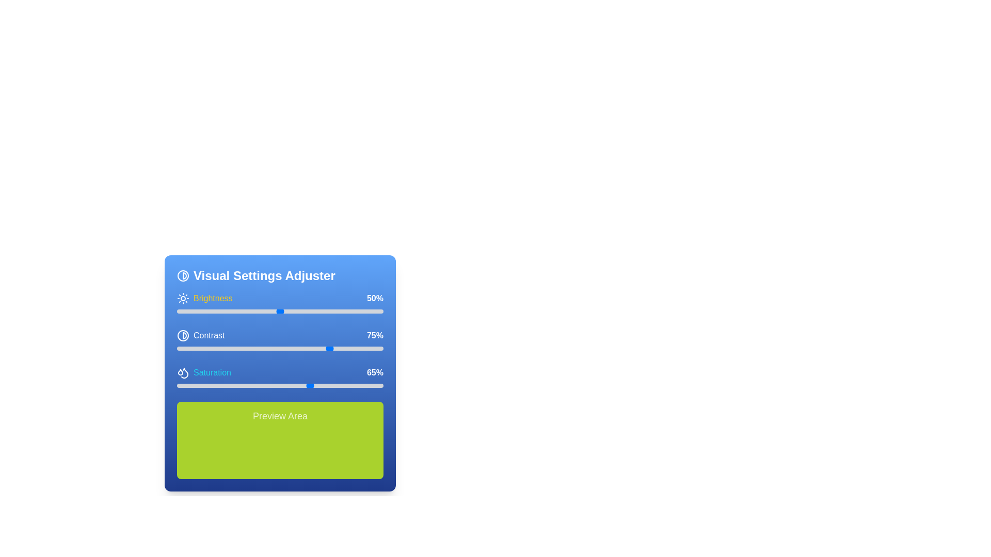 The height and width of the screenshot is (557, 991). What do you see at coordinates (307, 348) in the screenshot?
I see `contrast` at bounding box center [307, 348].